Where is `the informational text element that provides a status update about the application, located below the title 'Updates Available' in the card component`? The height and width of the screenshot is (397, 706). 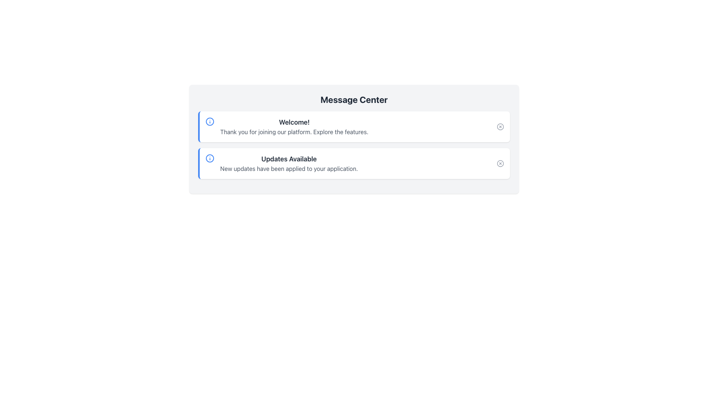
the informational text element that provides a status update about the application, located below the title 'Updates Available' in the card component is located at coordinates (289, 169).